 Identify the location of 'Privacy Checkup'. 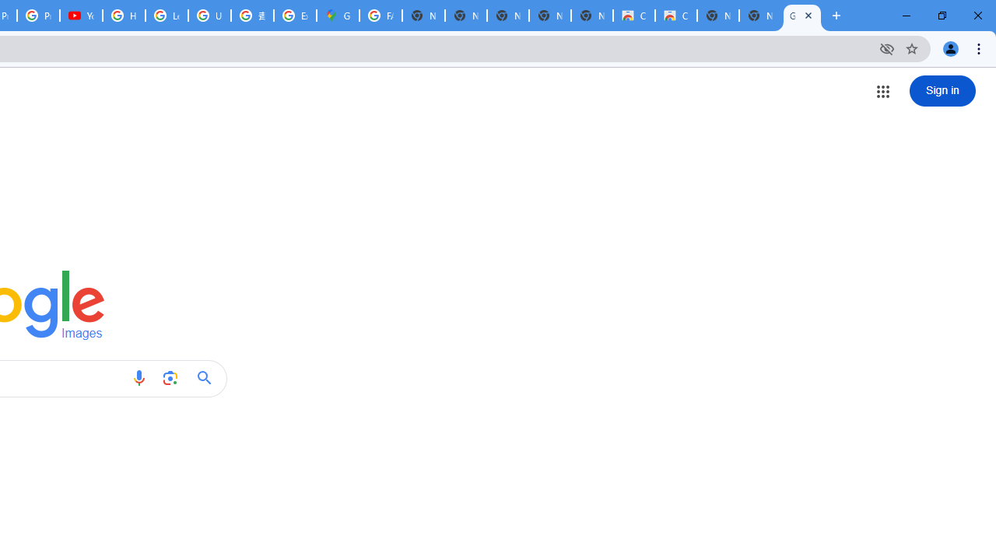
(38, 16).